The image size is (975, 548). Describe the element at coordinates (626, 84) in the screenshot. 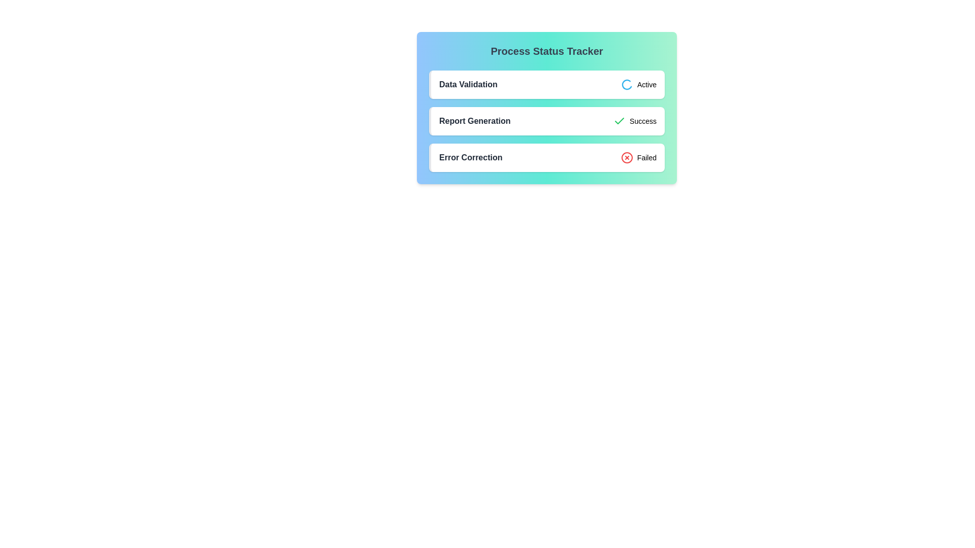

I see `the animation of the spinner icon that indicates the ongoing activity related to the 'Active' status of the 'Data Validation' task, located to the left of the 'Active' status text in the process tracker component` at that location.